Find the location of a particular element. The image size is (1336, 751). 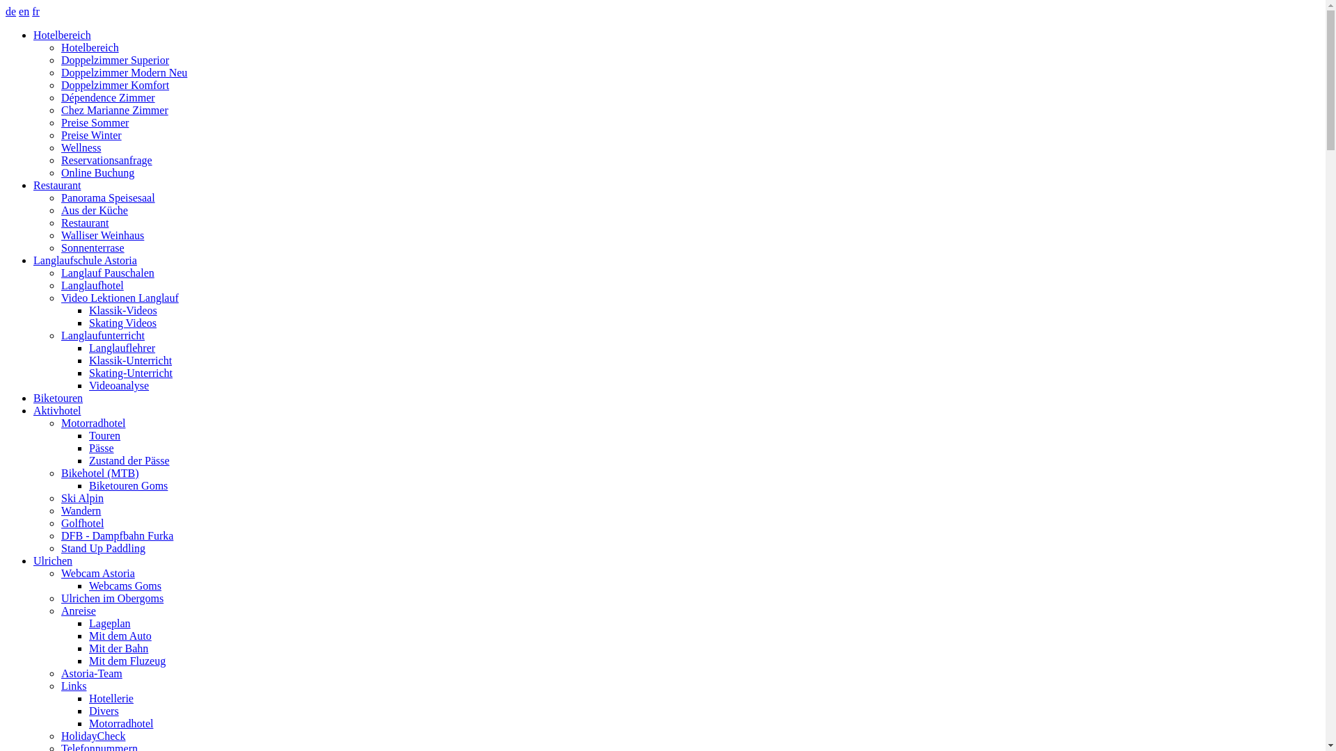

'Restaurant' is located at coordinates (33, 184).